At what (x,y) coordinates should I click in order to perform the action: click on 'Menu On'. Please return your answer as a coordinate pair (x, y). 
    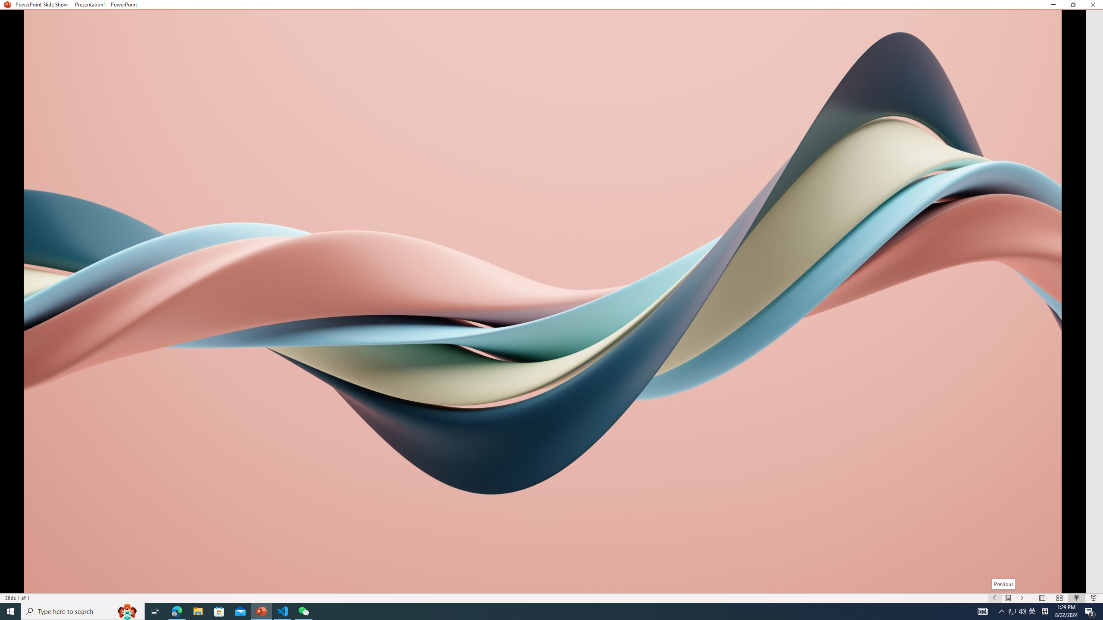
    Looking at the image, I should click on (1008, 598).